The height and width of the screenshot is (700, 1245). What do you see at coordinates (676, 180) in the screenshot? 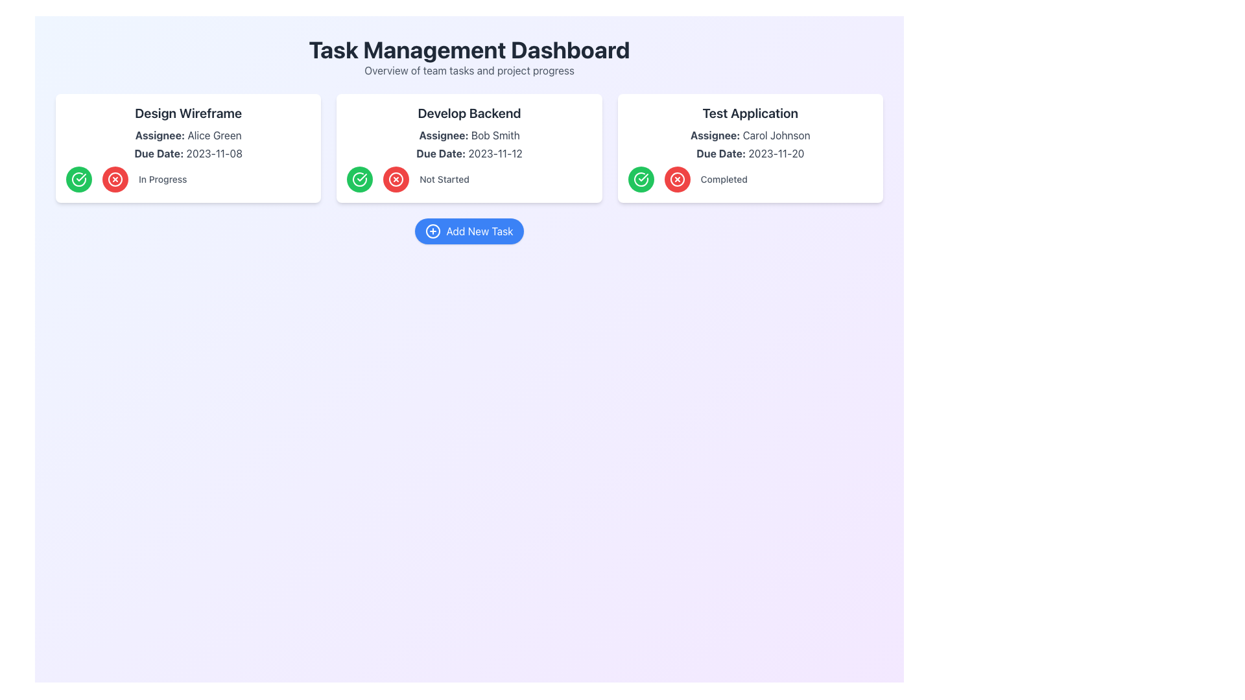
I see `the red circular button with a white 'X' symbol located in the lower-left side of the 'Develop Backend' task card` at bounding box center [676, 180].